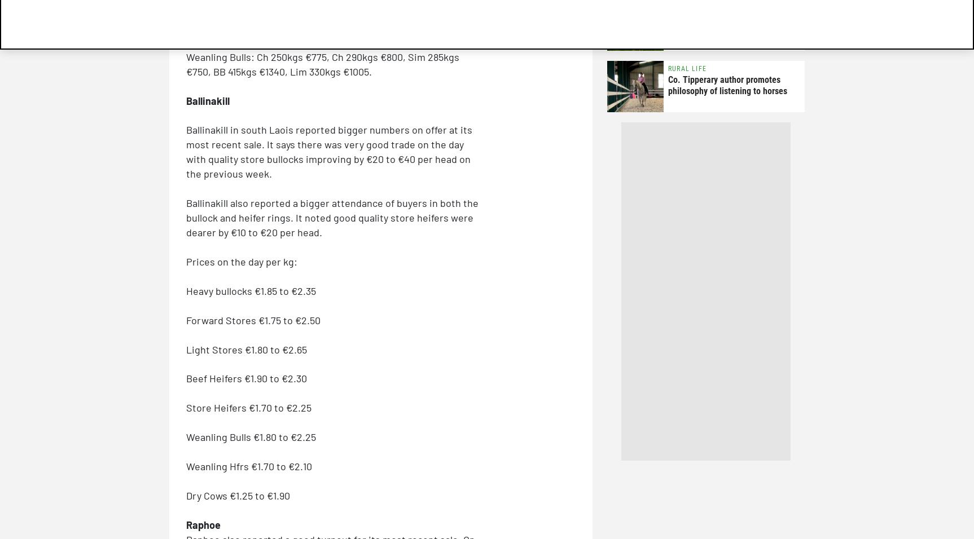  Describe the element at coordinates (332, 19) in the screenshot. I see `'Weanling Heifers: Chx 290kgs €915, Lim 260kgs €760, Lim 395kgs €1125, Ch 325kgs €995, AA 315kgs €775.'` at that location.